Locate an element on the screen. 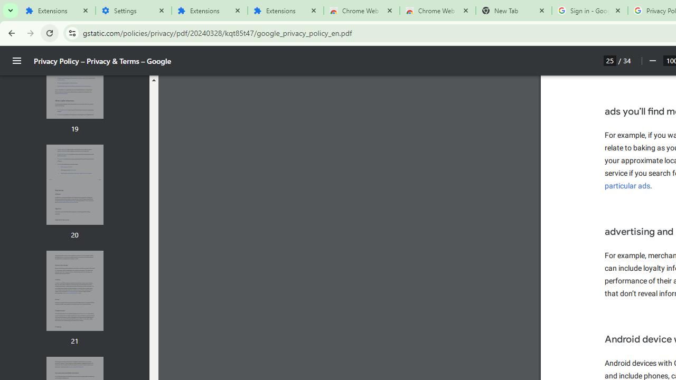 This screenshot has height=380, width=676. 'Zoom out' is located at coordinates (652, 61).